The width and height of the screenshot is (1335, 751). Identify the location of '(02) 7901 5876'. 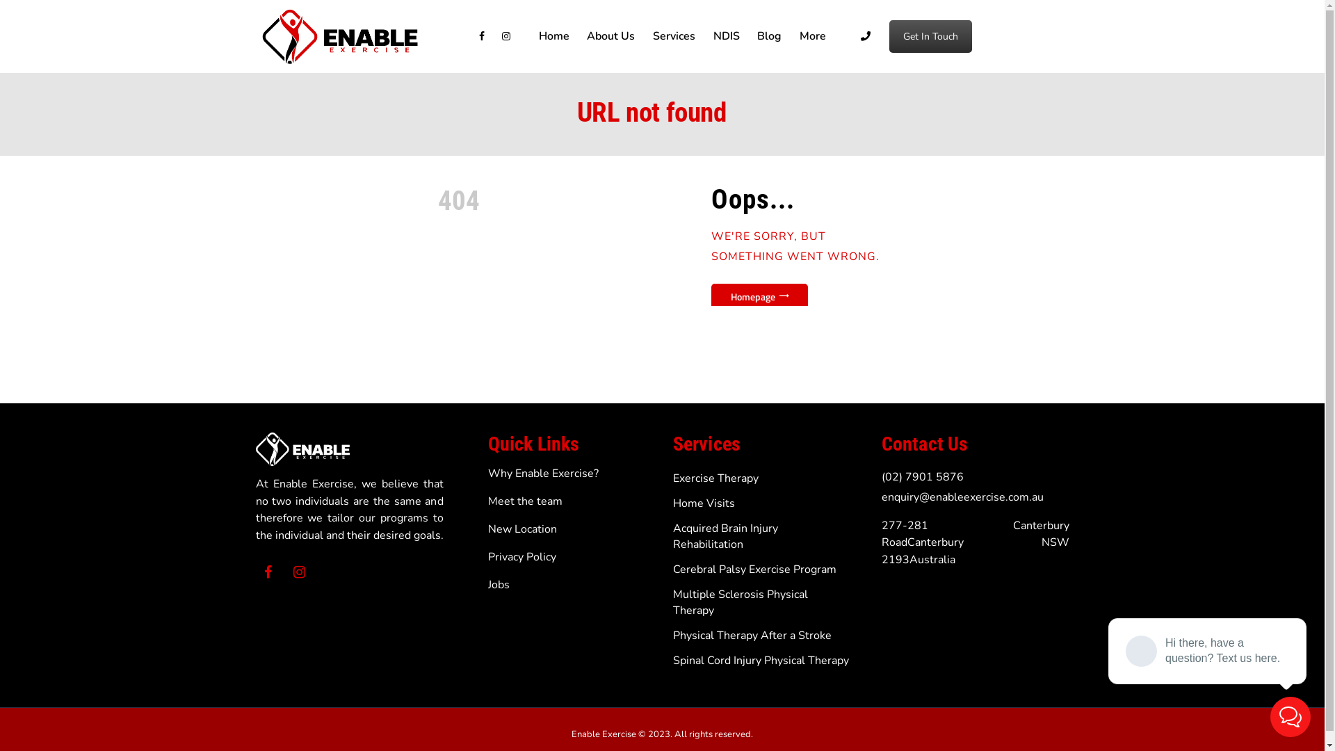
(922, 476).